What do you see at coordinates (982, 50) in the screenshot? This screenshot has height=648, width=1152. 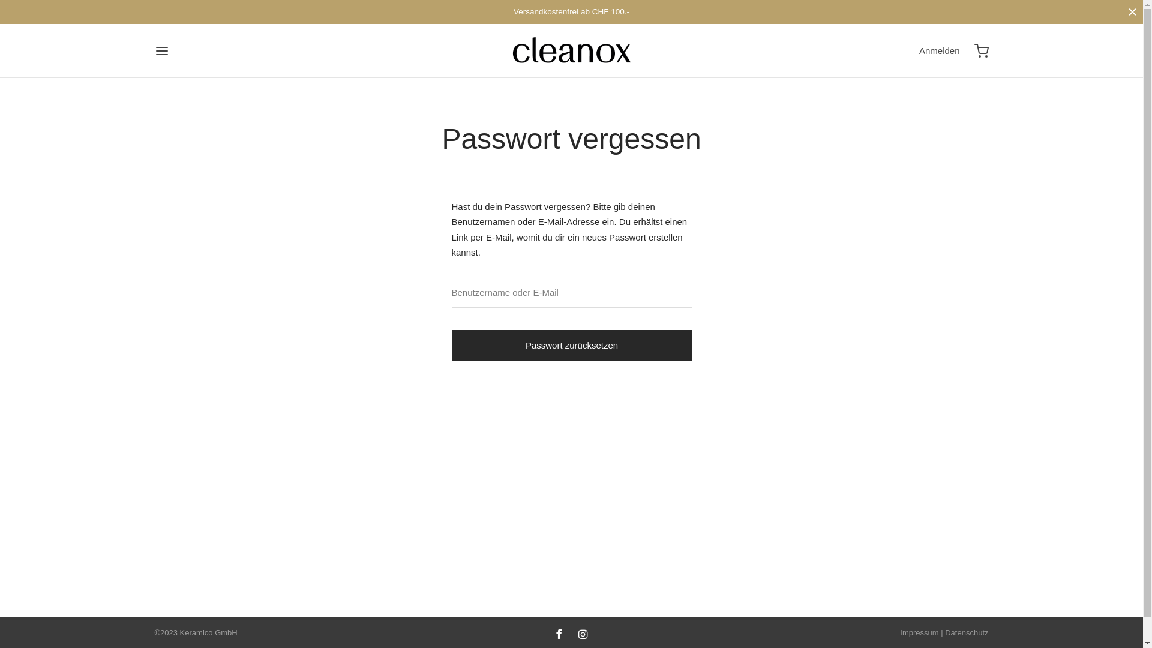 I see `'Warenkorb'` at bounding box center [982, 50].